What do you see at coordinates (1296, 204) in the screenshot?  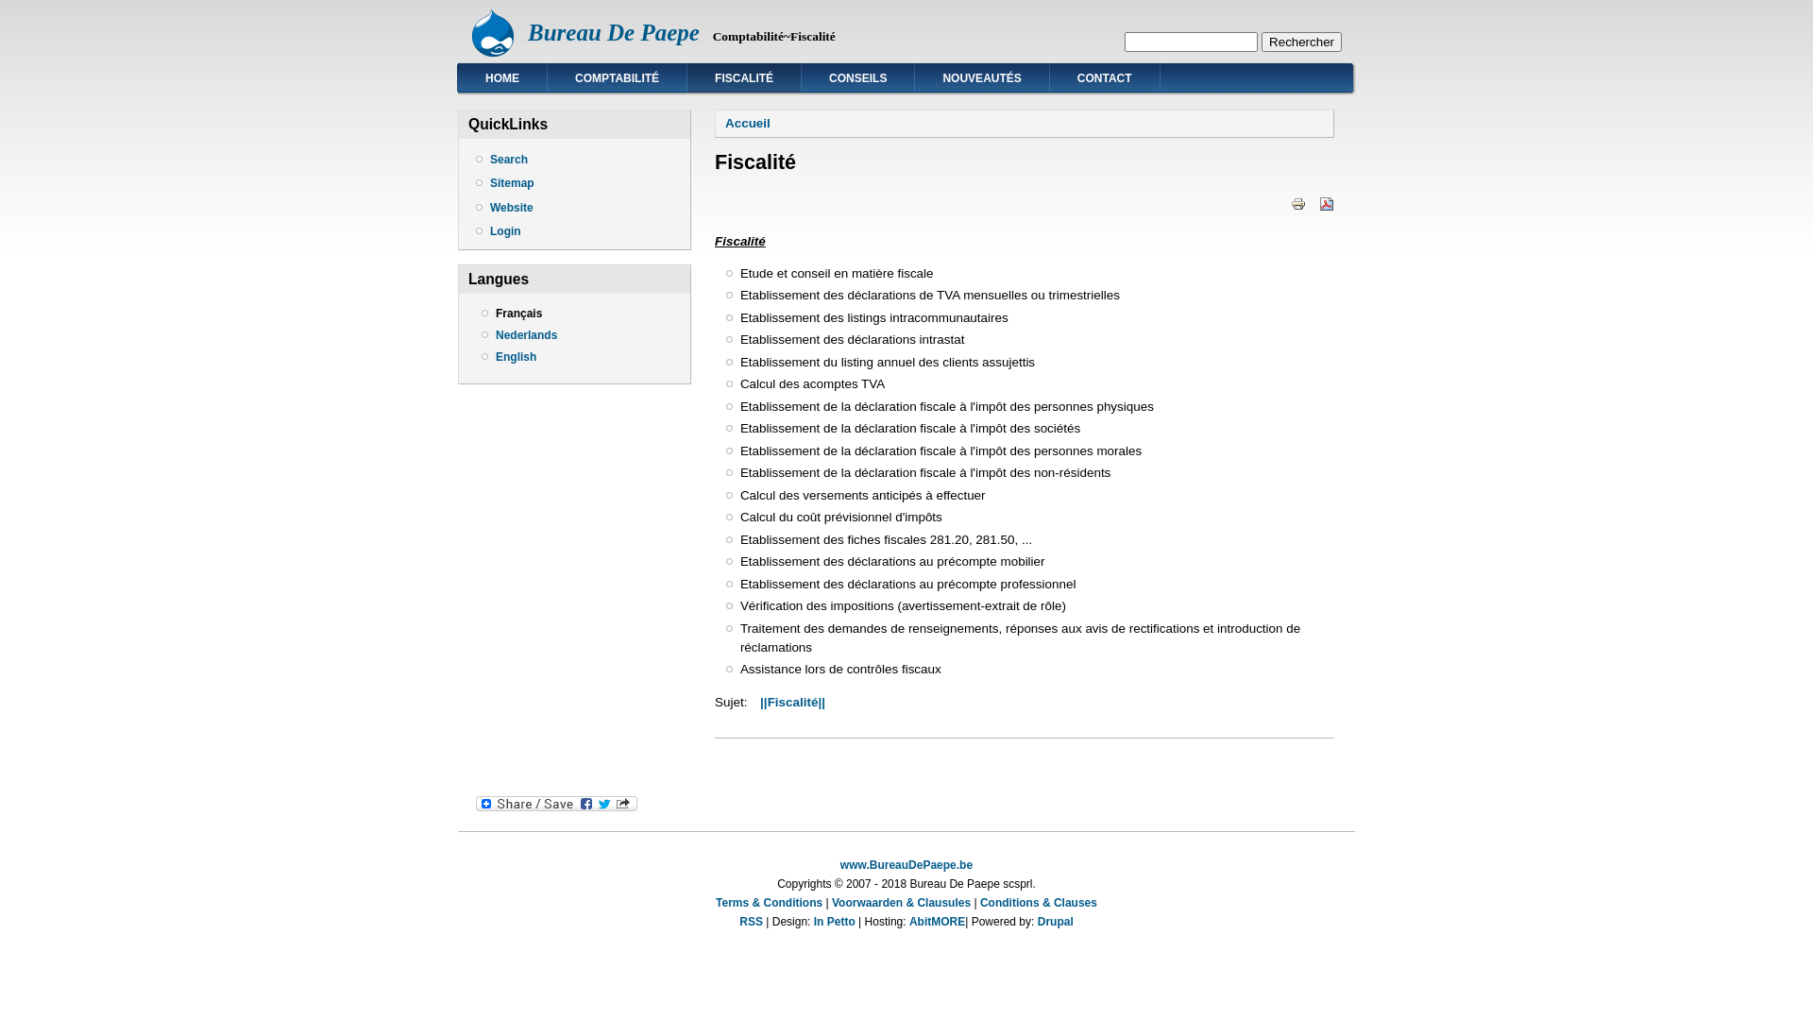 I see `'Version imprimable'` at bounding box center [1296, 204].